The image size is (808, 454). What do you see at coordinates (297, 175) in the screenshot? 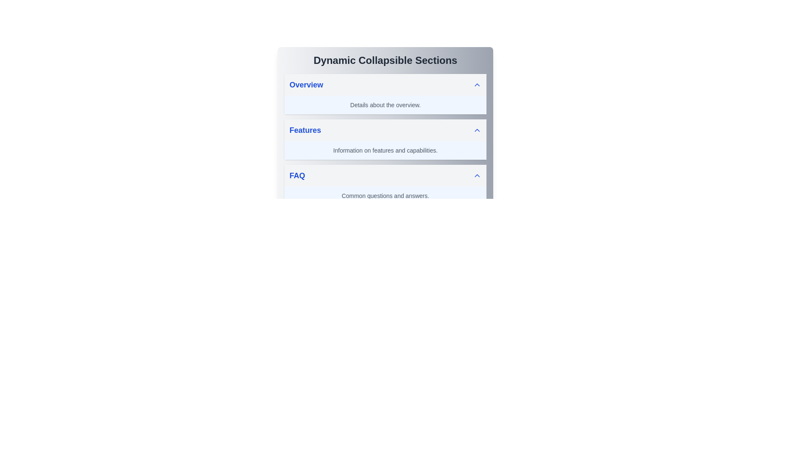
I see `the text label that serves as the title for the third collapsible section, located between the 'Features' section and its content description` at bounding box center [297, 175].